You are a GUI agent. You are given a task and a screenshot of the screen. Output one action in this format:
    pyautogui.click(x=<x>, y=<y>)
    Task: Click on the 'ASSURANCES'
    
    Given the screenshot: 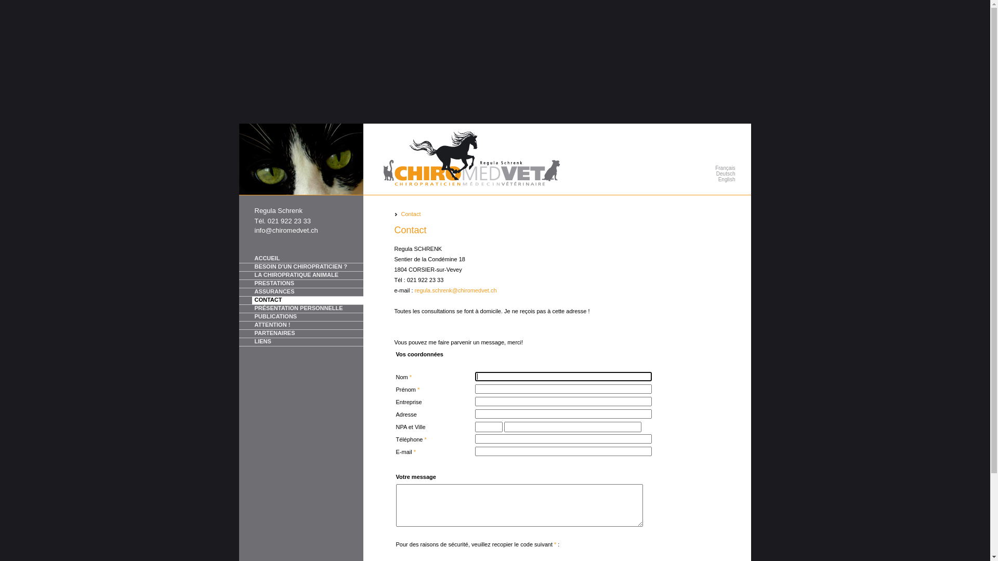 What is the action you would take?
    pyautogui.click(x=306, y=292)
    